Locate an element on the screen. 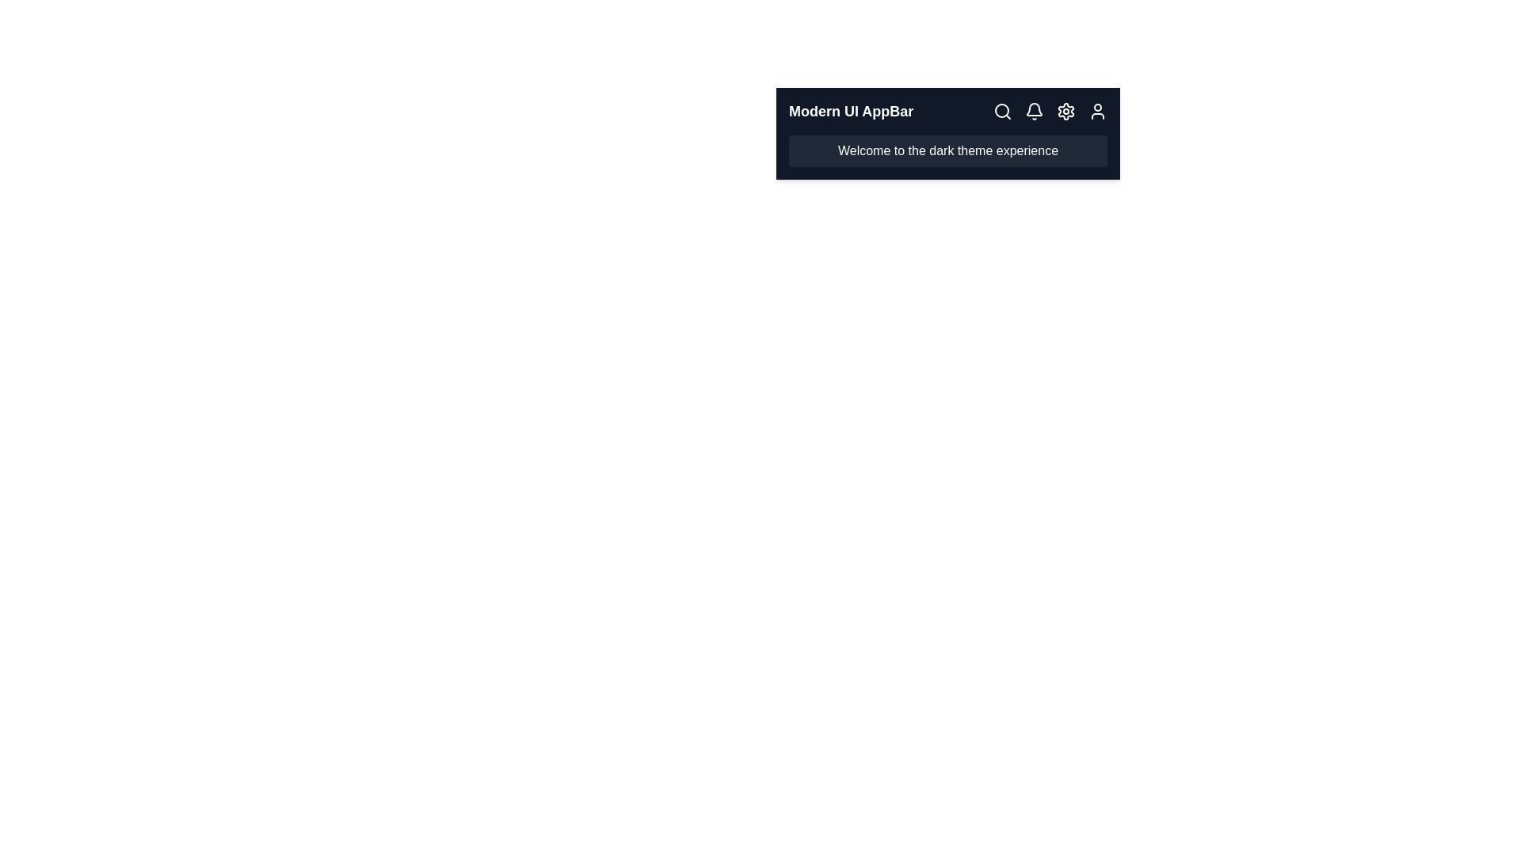 Image resolution: width=1521 pixels, height=855 pixels. the 'User' icon in the 'EngagingAppBar' component is located at coordinates (1097, 111).